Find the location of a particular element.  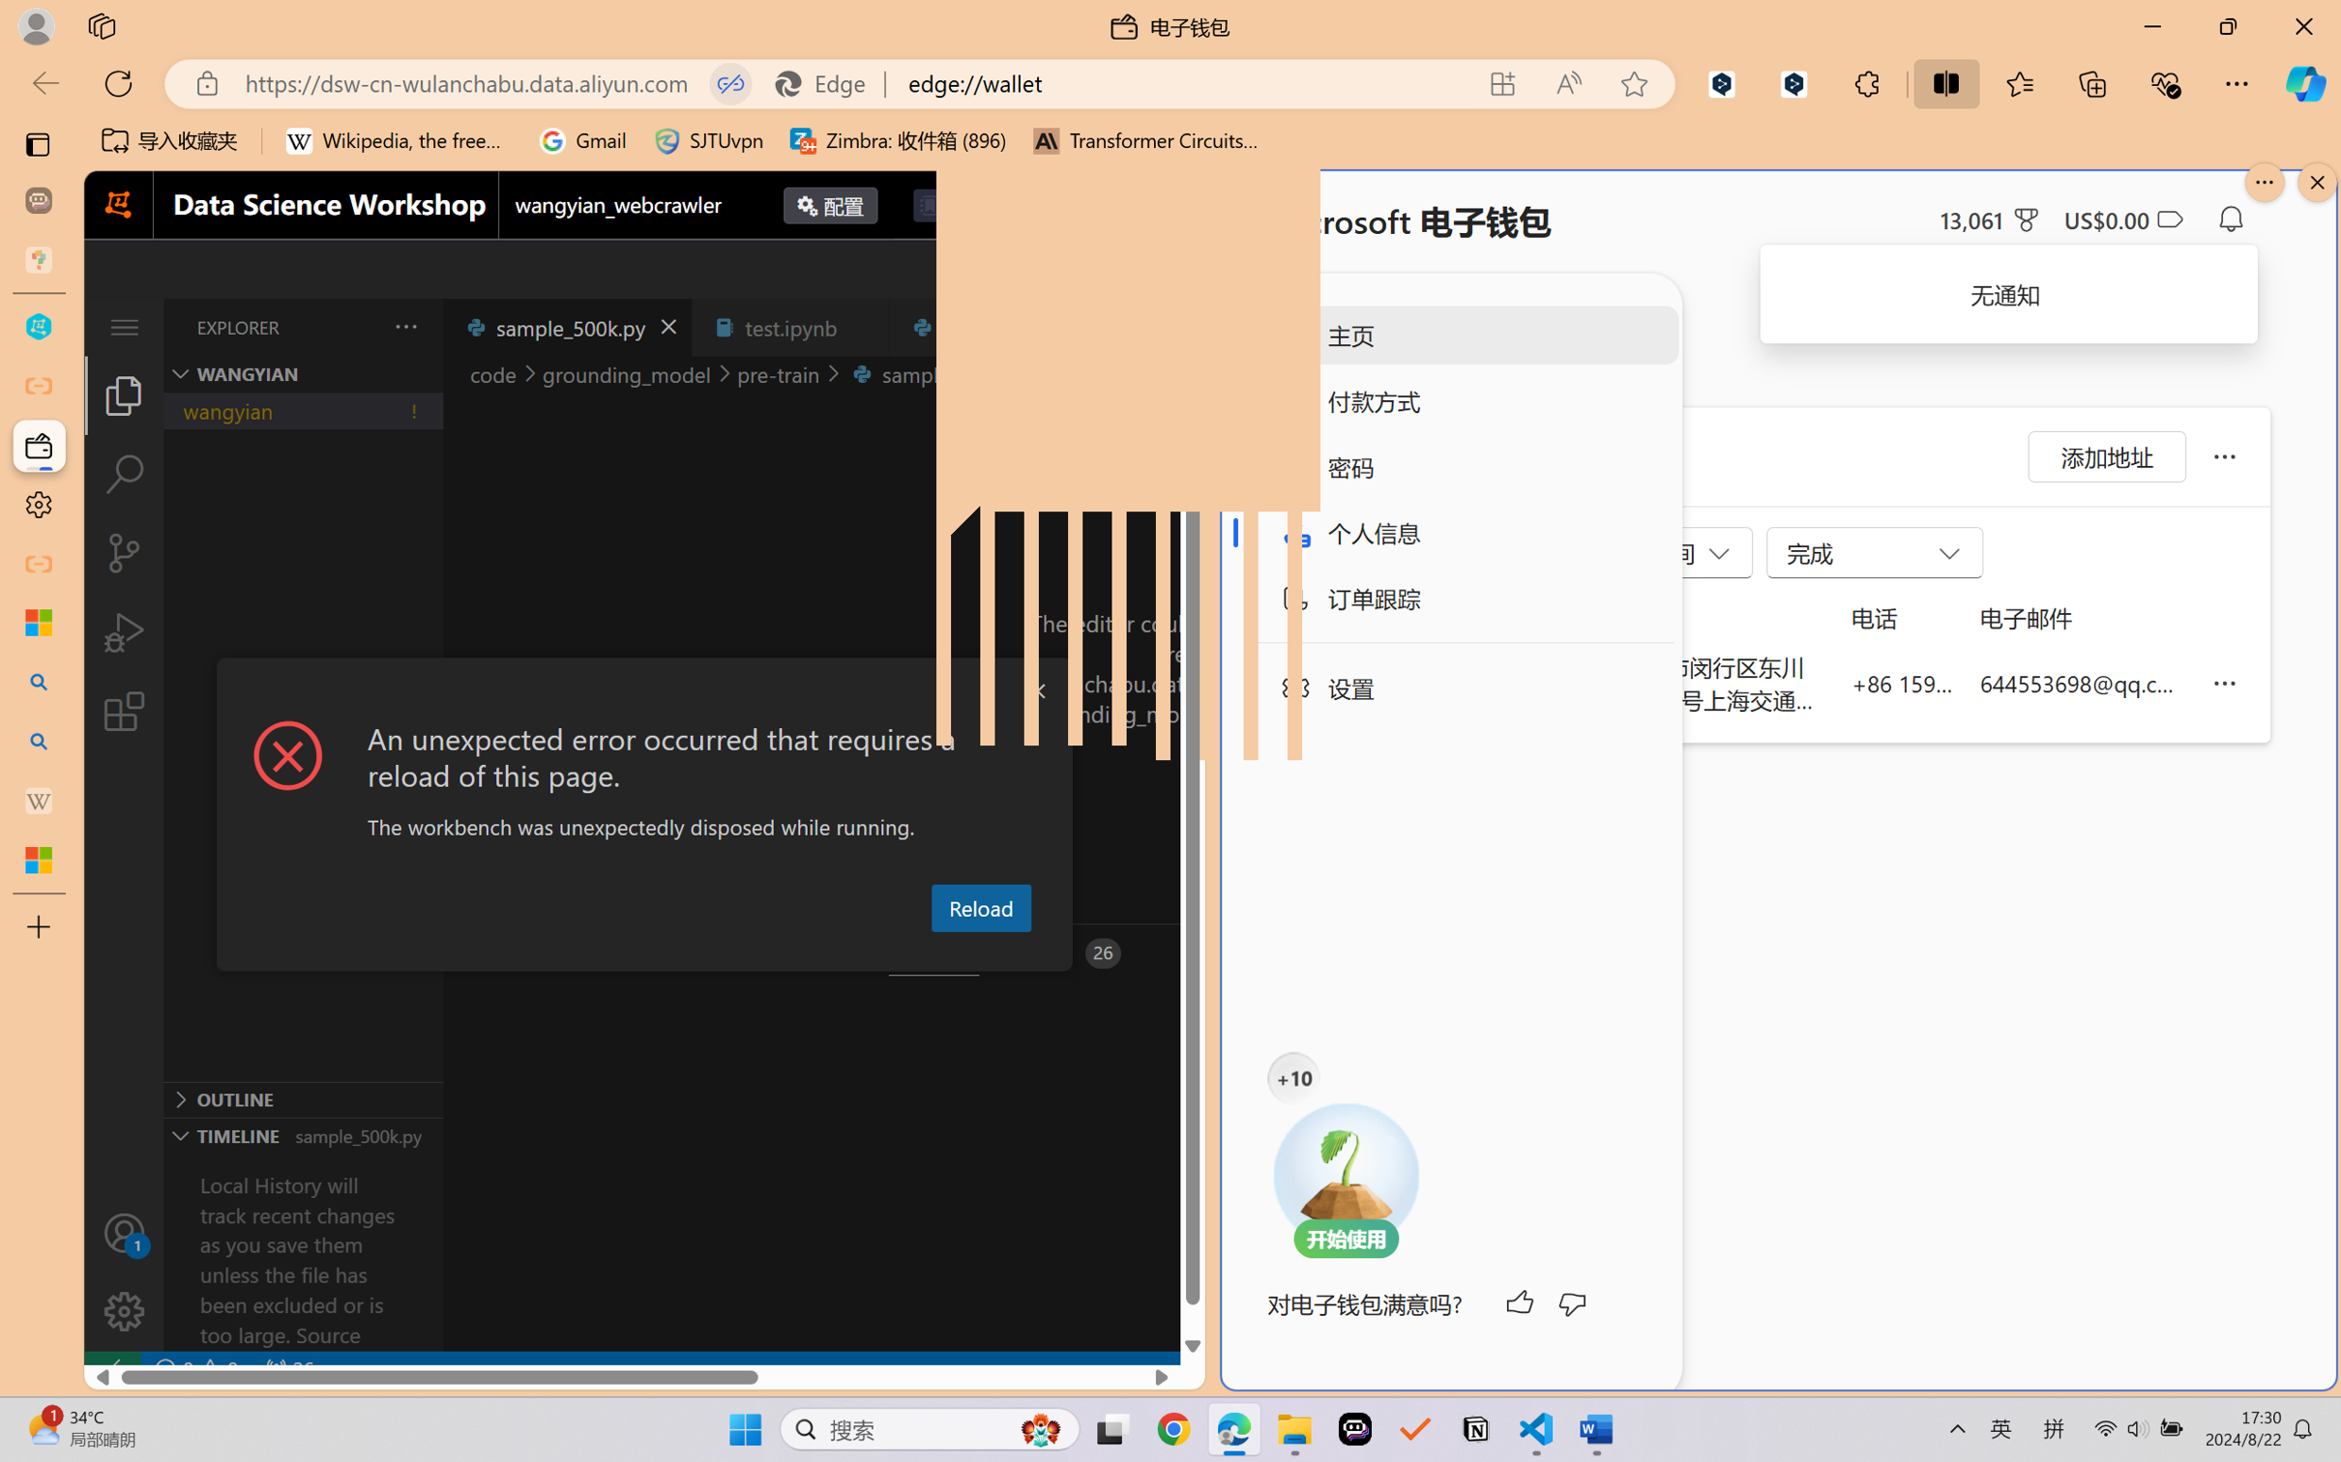

'Reload' is located at coordinates (980, 906).